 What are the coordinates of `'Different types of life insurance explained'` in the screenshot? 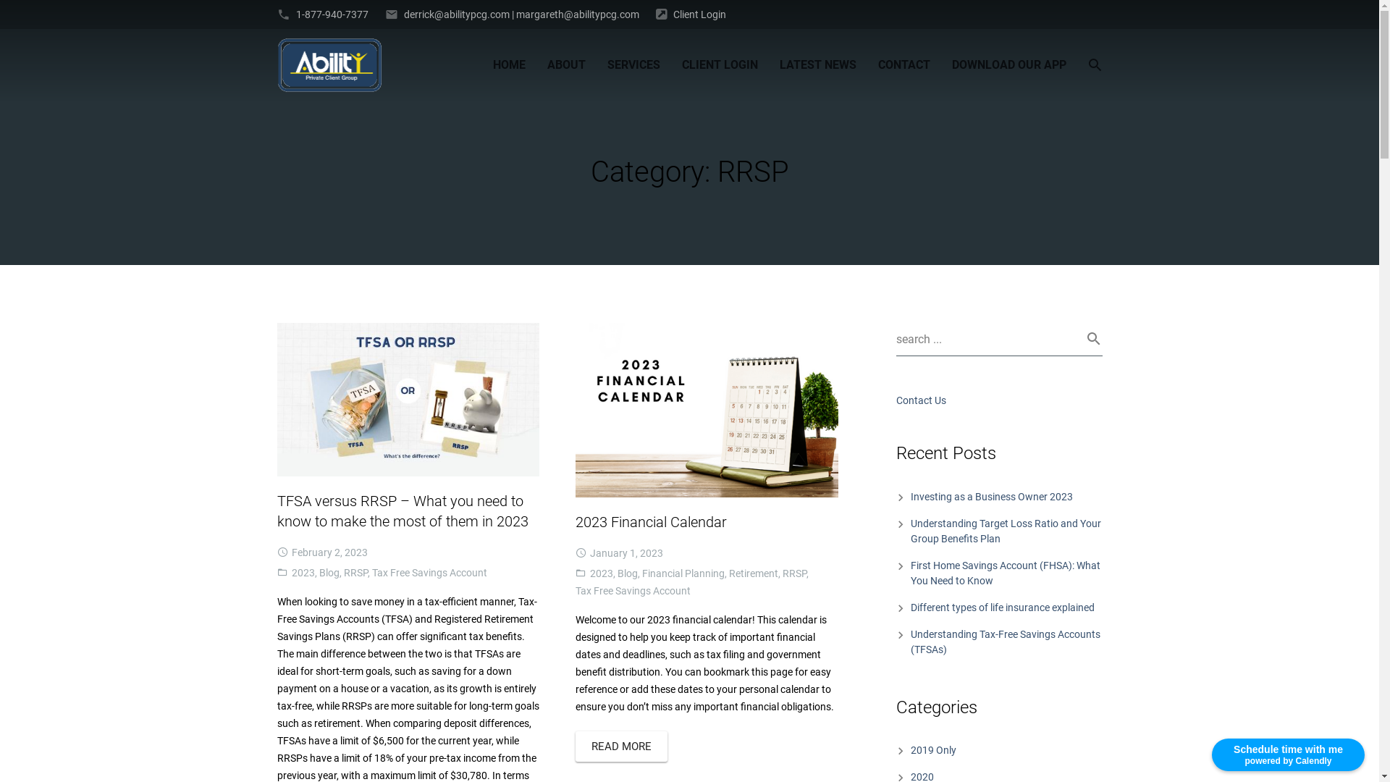 It's located at (1002, 607).